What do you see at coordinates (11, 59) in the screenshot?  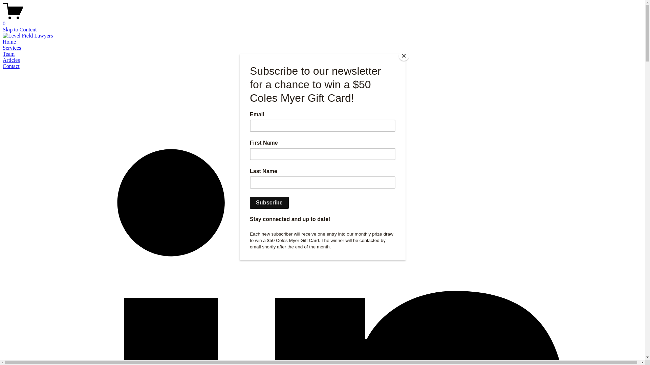 I see `'Articles'` at bounding box center [11, 59].